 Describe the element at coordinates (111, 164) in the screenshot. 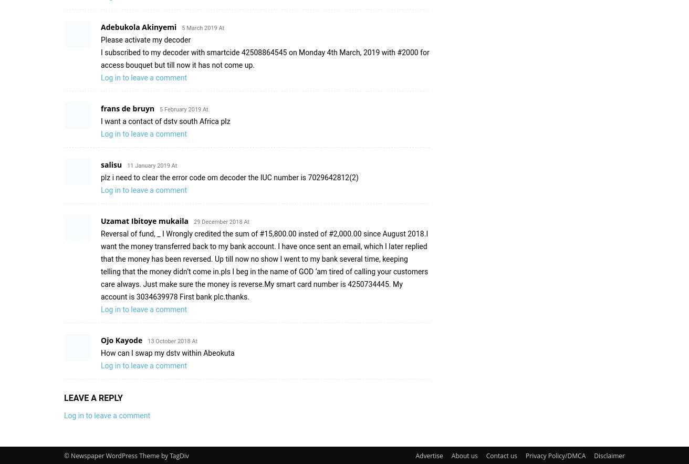

I see `'salisu'` at that location.